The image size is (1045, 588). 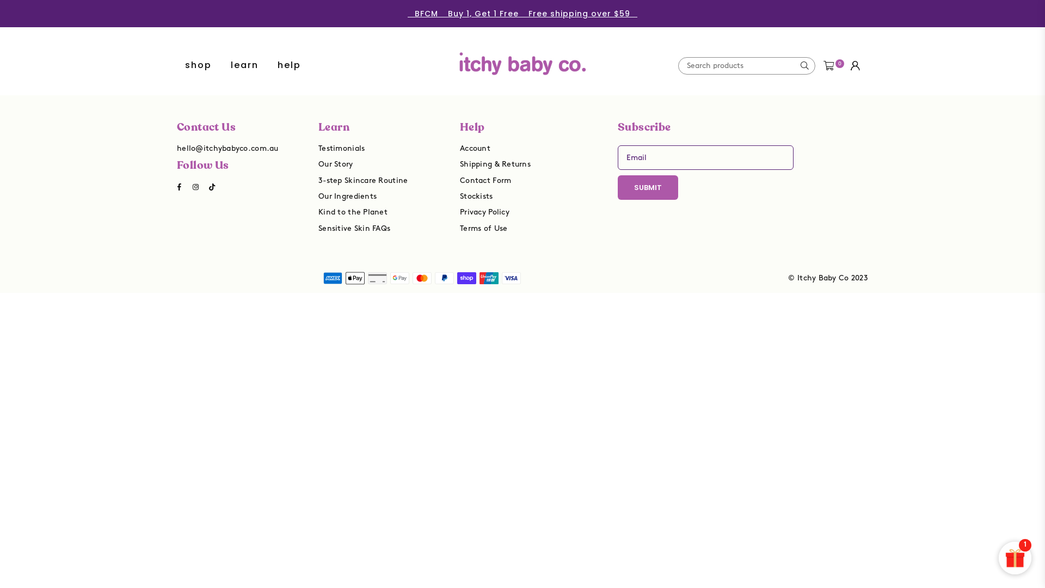 What do you see at coordinates (483, 228) in the screenshot?
I see `'Terms of Use'` at bounding box center [483, 228].